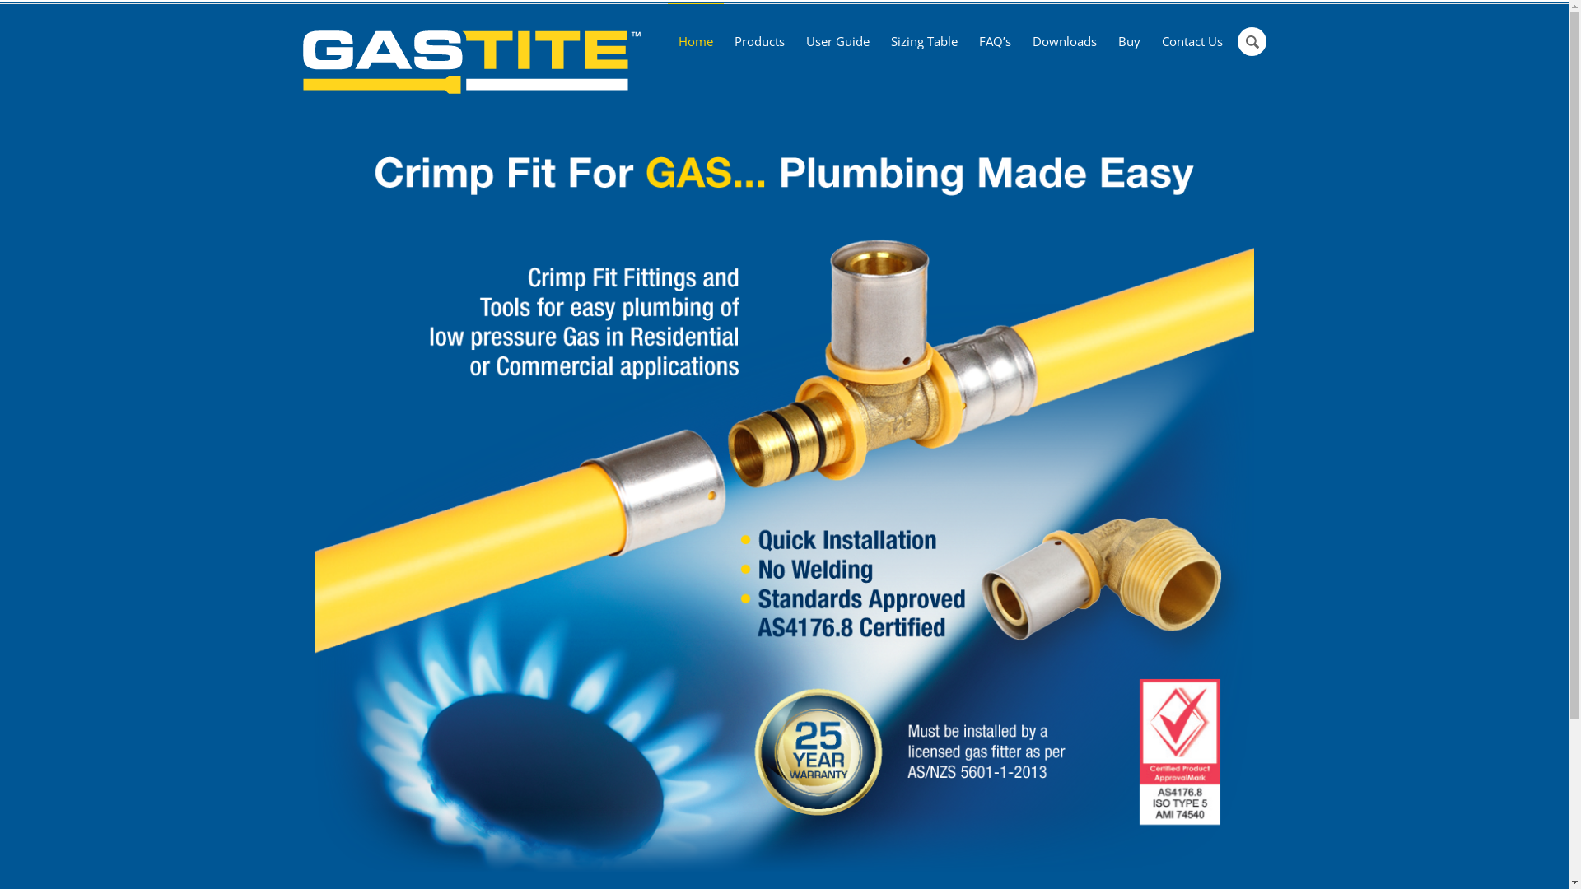  Describe the element at coordinates (923, 37) in the screenshot. I see `'Sizing Table'` at that location.